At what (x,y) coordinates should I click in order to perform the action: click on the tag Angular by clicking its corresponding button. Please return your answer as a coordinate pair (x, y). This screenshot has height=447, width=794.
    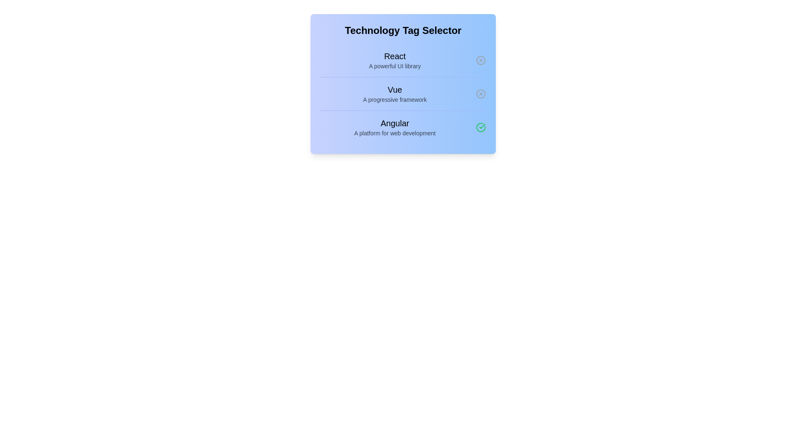
    Looking at the image, I should click on (481, 127).